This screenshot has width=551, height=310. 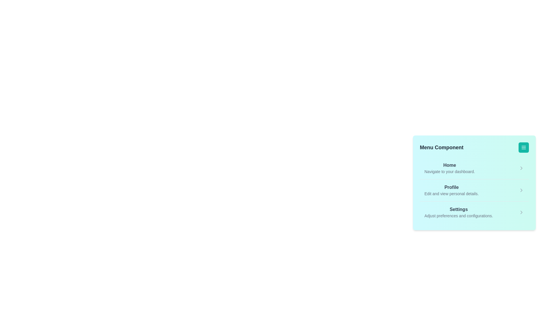 What do you see at coordinates (449, 168) in the screenshot?
I see `the menu item Home from the menu list` at bounding box center [449, 168].